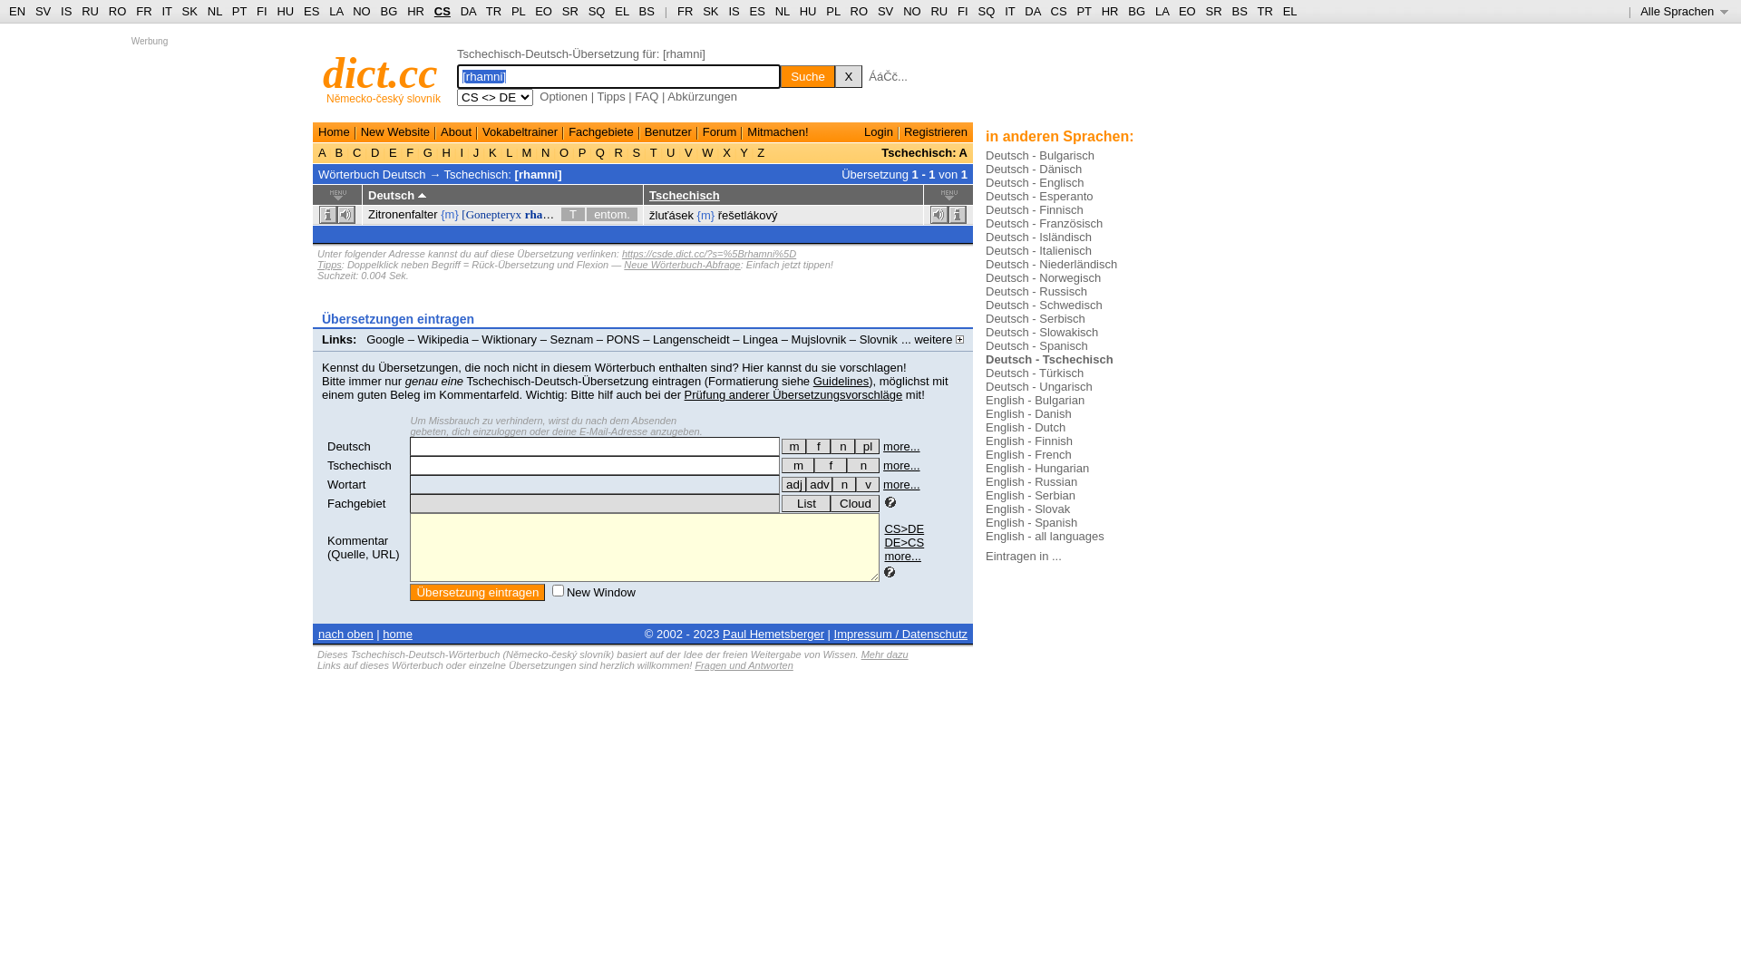 The width and height of the screenshot is (1741, 979). I want to click on 'N', so click(537, 151).